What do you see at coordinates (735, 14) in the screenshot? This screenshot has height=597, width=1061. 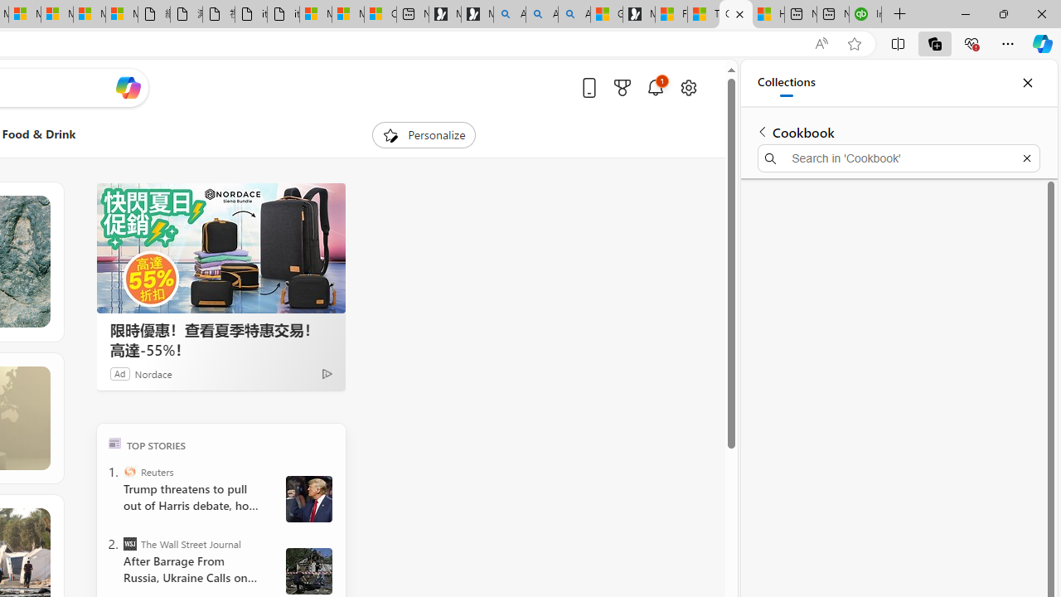 I see `'CNN - MSN'` at bounding box center [735, 14].